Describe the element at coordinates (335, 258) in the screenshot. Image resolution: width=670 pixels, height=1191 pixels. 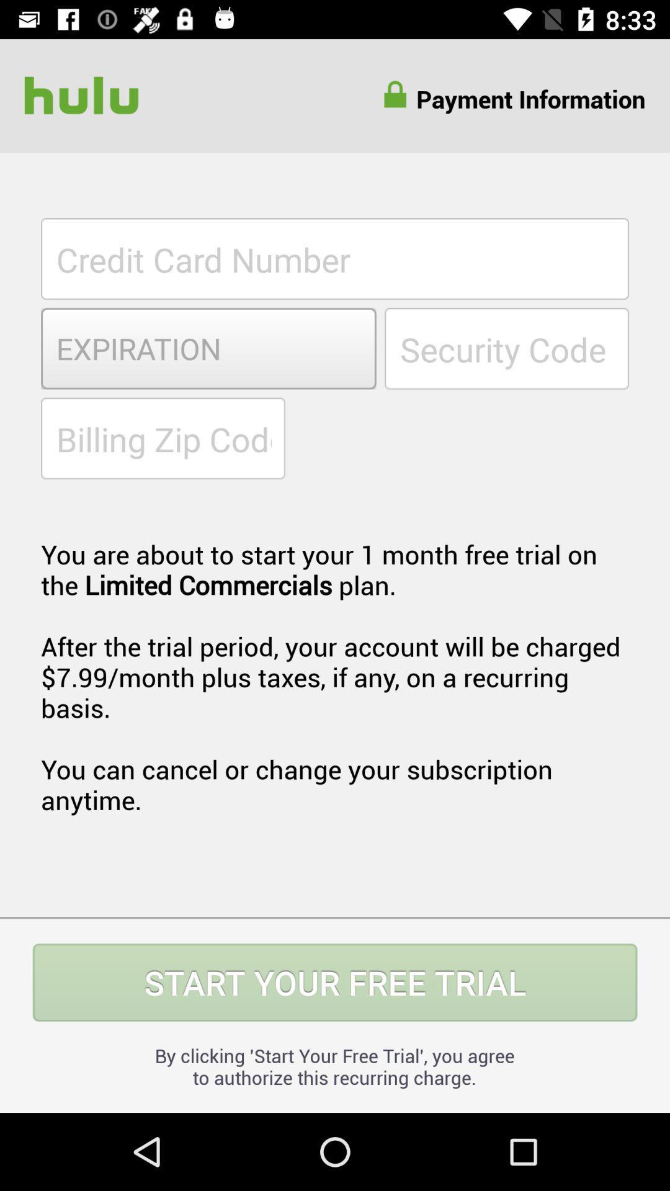
I see `card number` at that location.